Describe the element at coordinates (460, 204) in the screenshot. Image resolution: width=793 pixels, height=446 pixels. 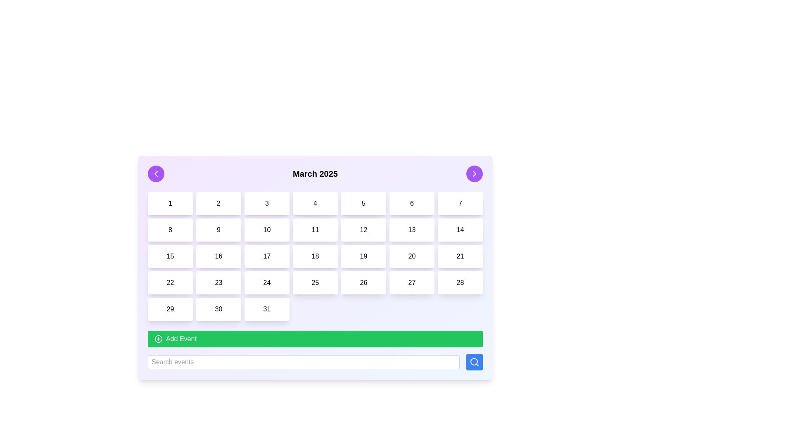
I see `to select the calendar date block representing the 7th day of the month, located in the first row of the calendar grid layout` at that location.